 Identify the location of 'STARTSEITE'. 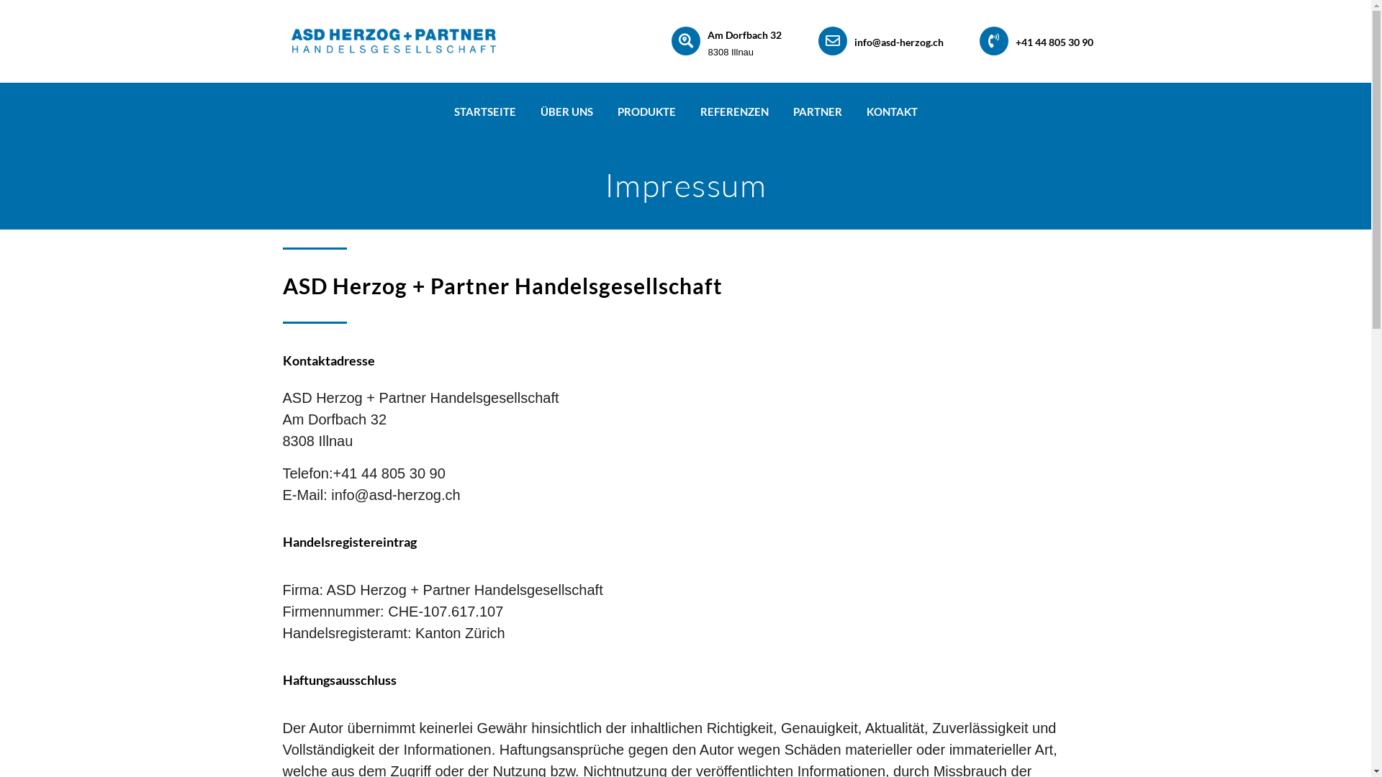
(484, 110).